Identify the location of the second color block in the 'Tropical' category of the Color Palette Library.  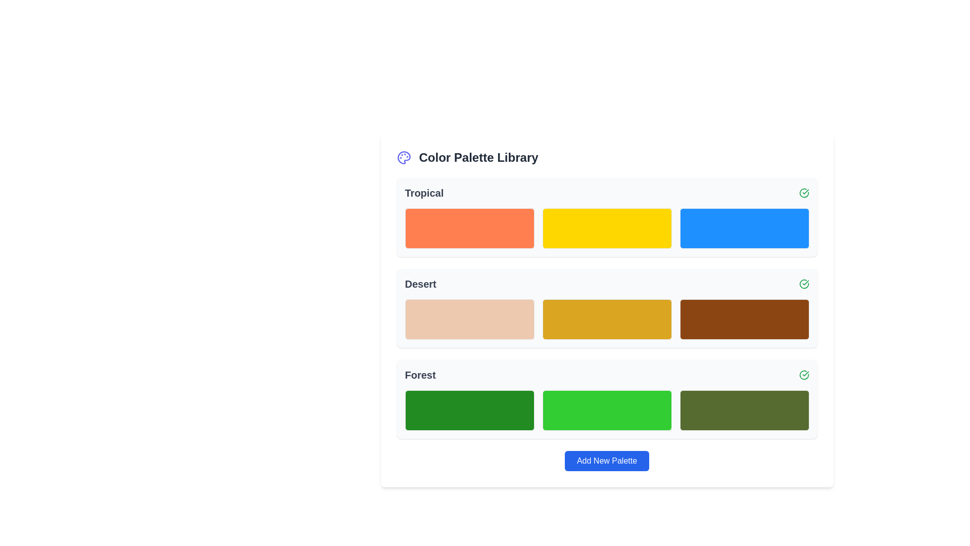
(606, 216).